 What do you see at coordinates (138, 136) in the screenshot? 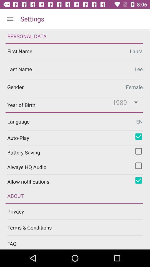
I see `auto-play setting` at bounding box center [138, 136].